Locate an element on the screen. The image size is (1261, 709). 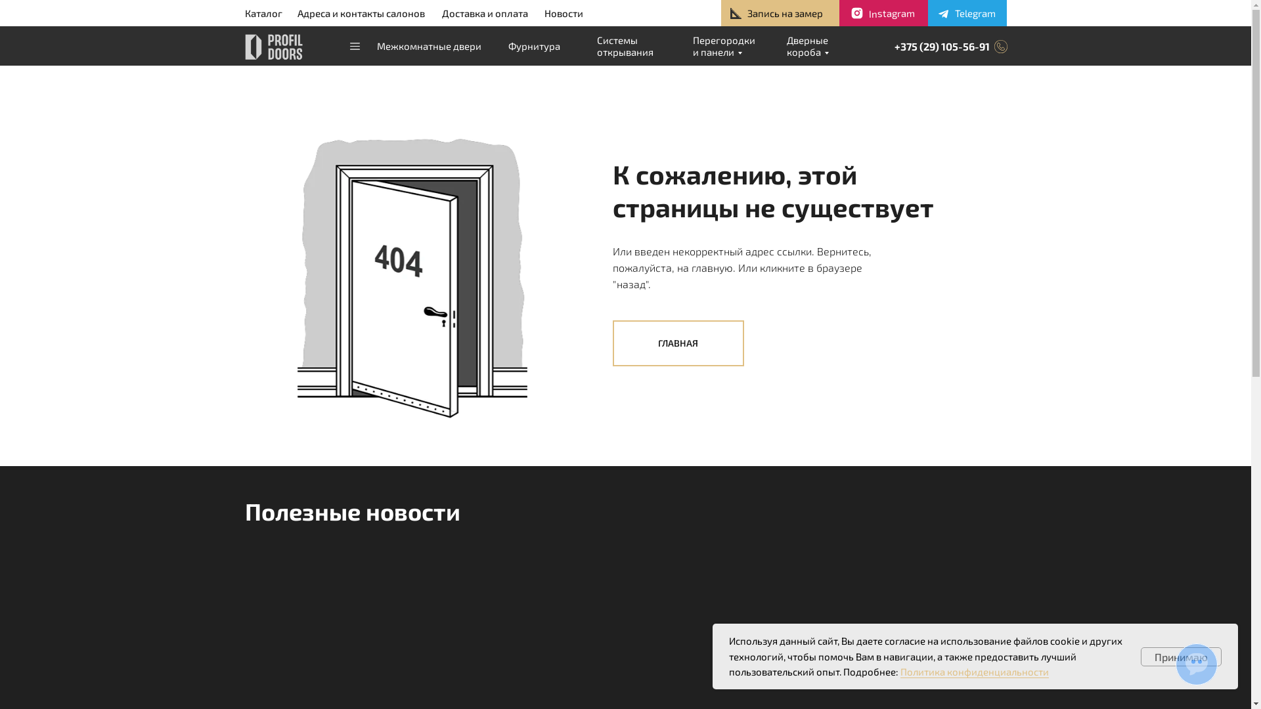
'+375 (29) 105-56-91' is located at coordinates (941, 45).